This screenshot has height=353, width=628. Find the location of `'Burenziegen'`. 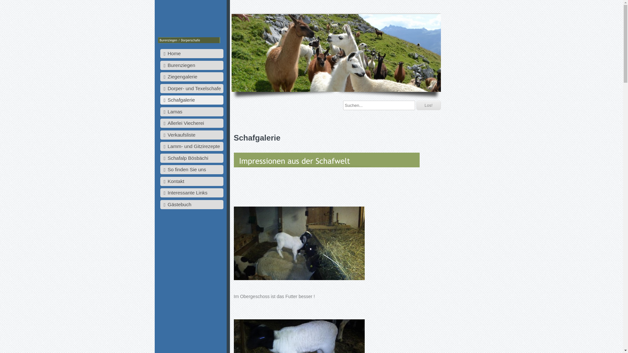

'Burenziegen' is located at coordinates (160, 65).